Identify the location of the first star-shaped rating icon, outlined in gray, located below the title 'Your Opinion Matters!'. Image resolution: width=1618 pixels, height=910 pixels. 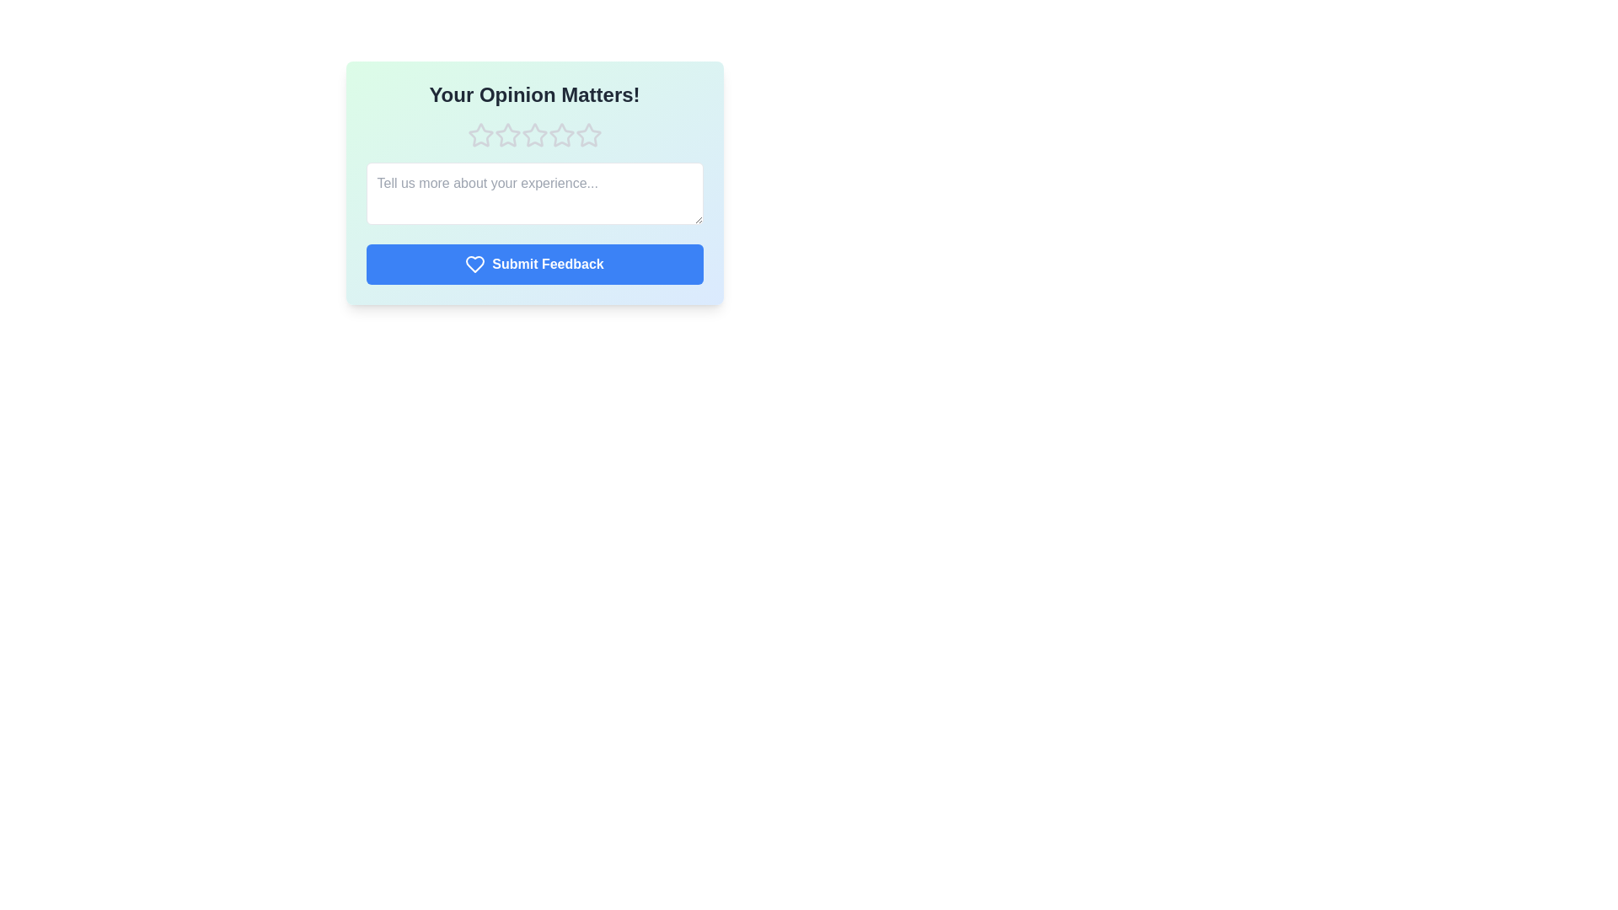
(506, 134).